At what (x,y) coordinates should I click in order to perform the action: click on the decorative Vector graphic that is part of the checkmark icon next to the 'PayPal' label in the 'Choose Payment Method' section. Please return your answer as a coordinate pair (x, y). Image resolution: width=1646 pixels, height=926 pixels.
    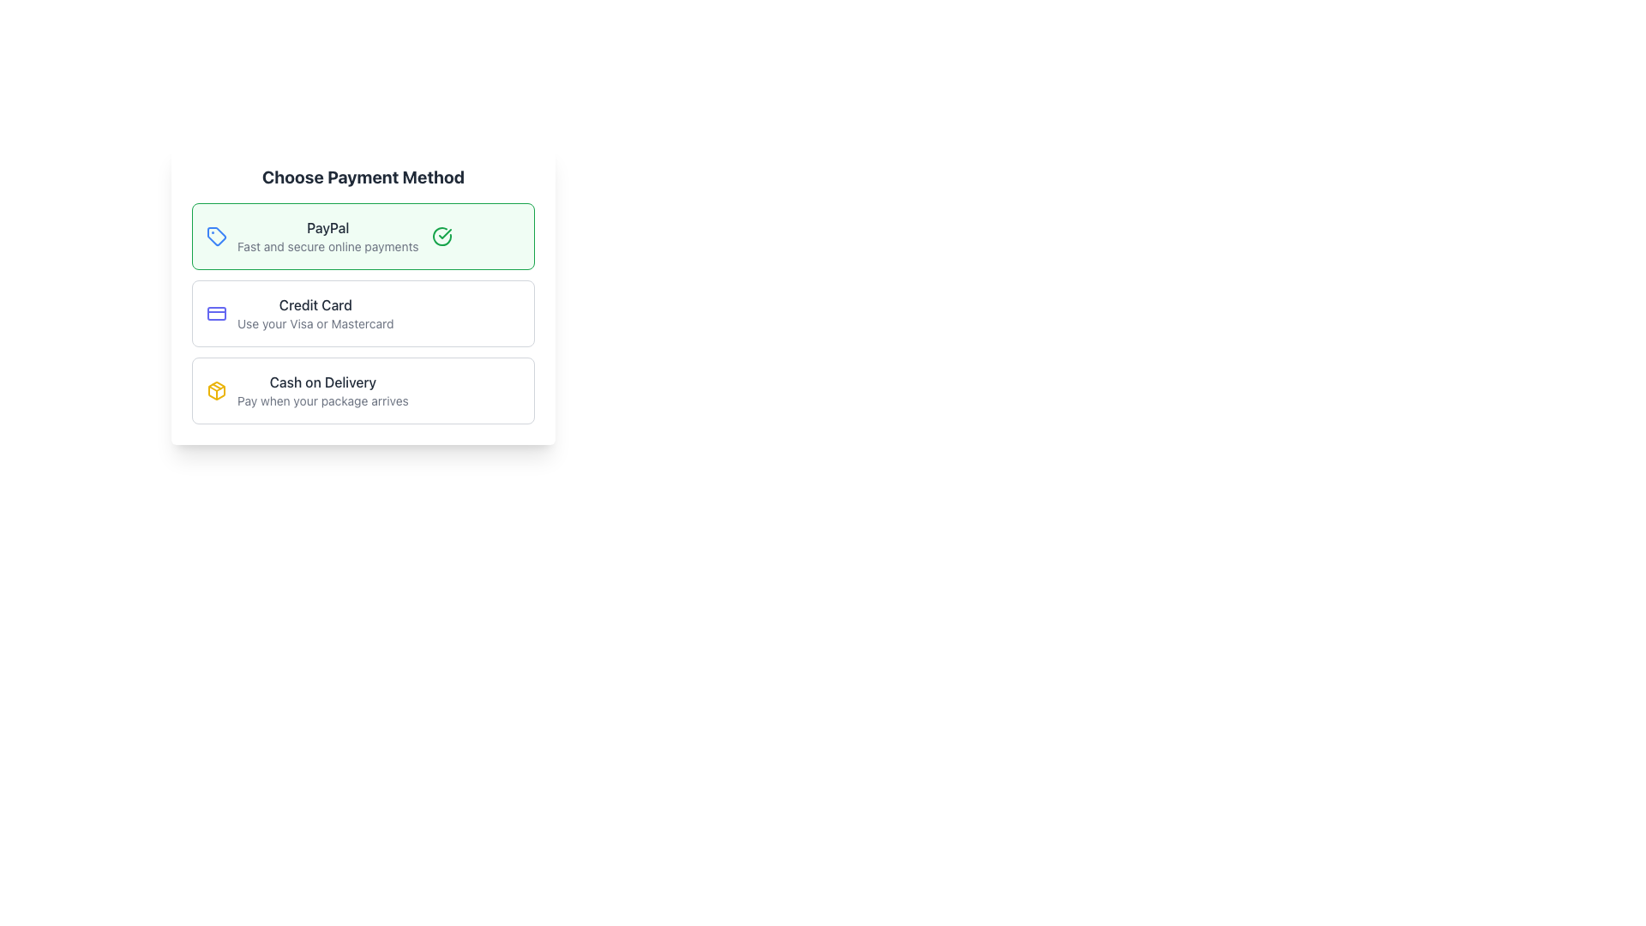
    Looking at the image, I should click on (442, 237).